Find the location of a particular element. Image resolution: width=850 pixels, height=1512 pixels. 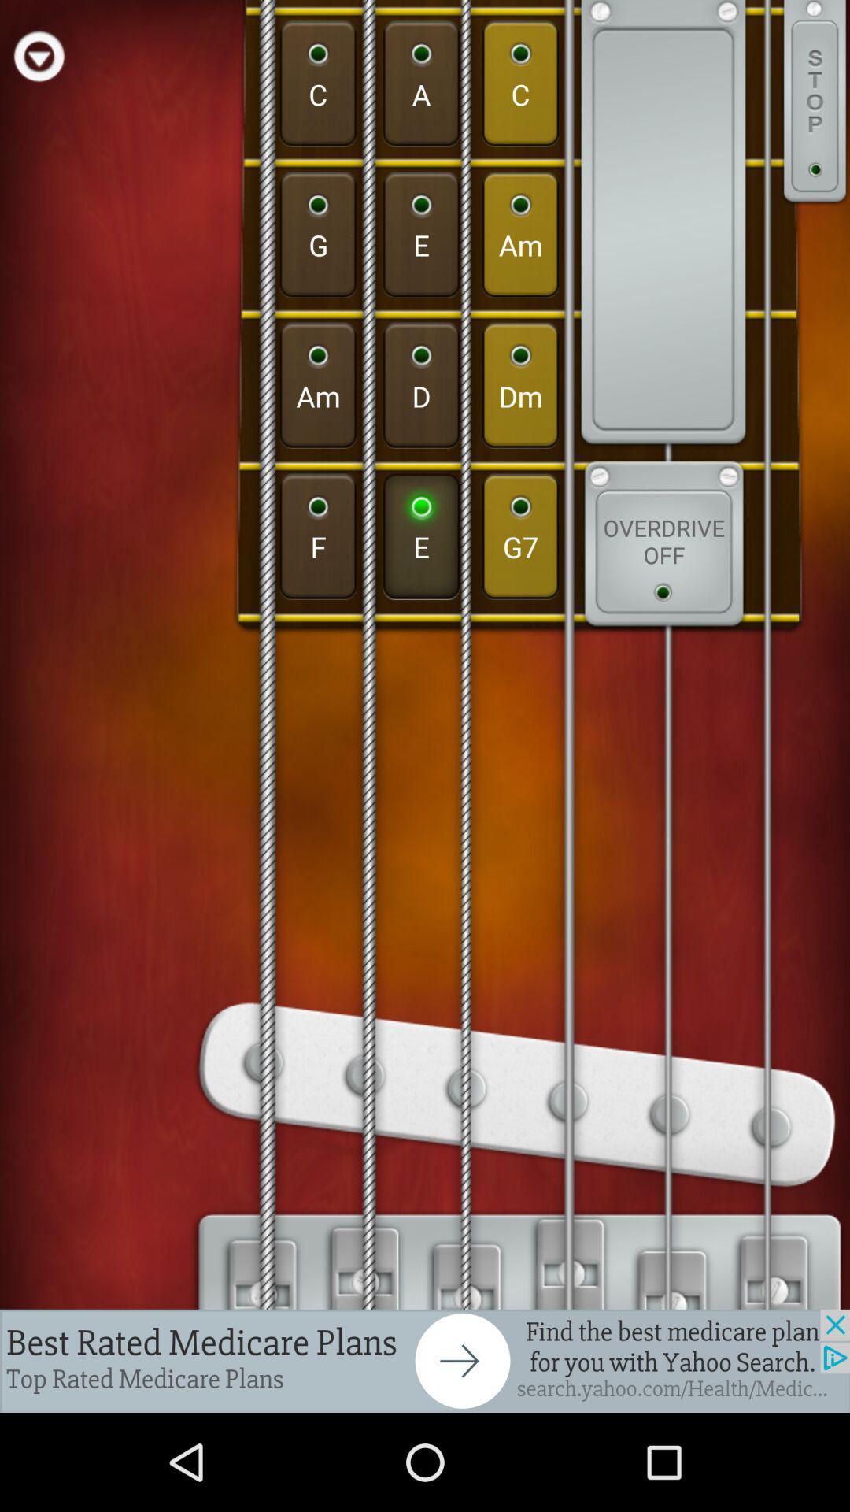

next page is located at coordinates (425, 1360).